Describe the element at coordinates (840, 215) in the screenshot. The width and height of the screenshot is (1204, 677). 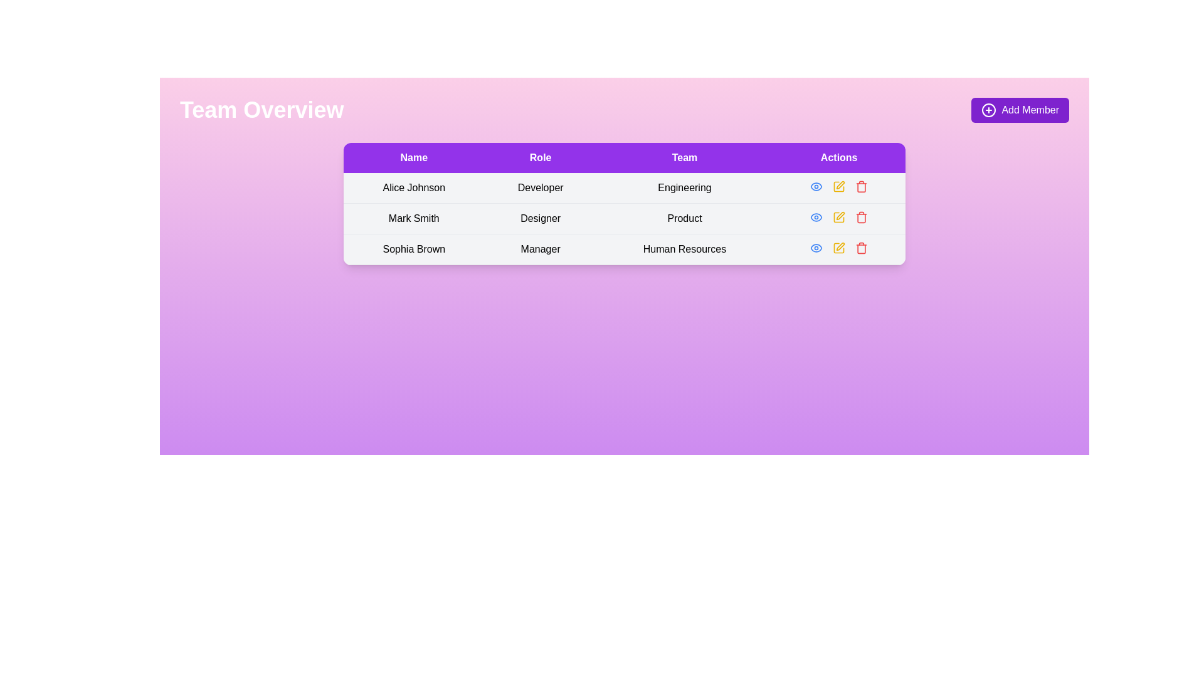
I see `the pen-shaped icon button, which is located` at that location.